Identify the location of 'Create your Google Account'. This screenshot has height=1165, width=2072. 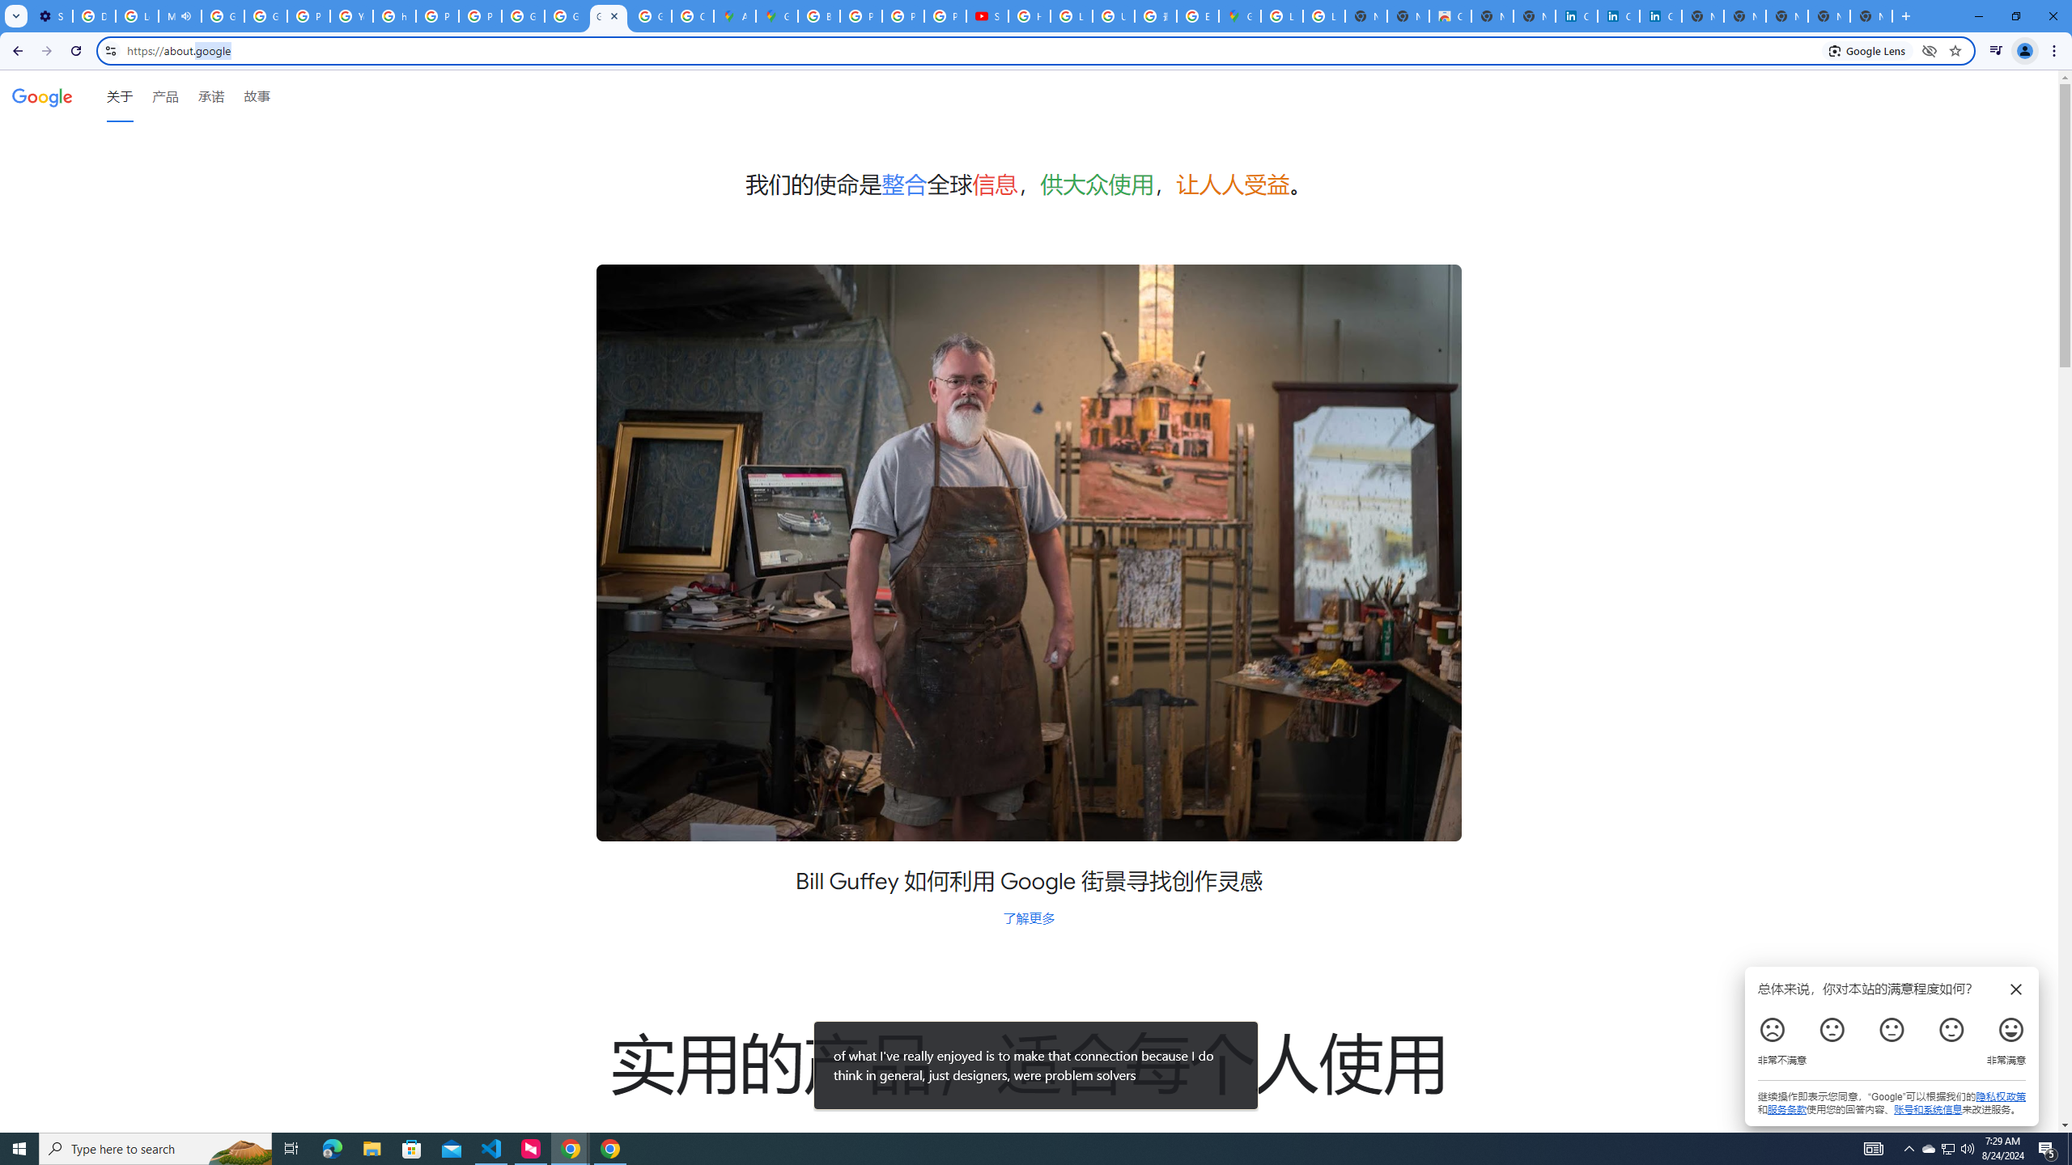
(693, 15).